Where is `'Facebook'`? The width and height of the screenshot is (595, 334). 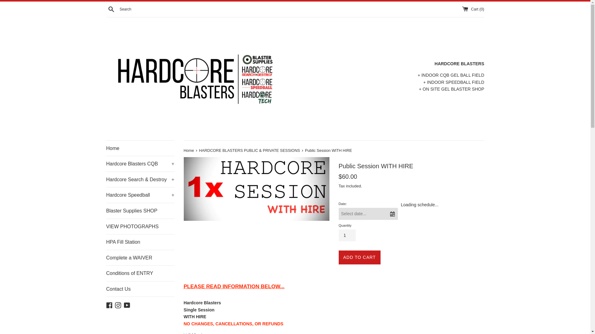
'Facebook' is located at coordinates (106, 304).